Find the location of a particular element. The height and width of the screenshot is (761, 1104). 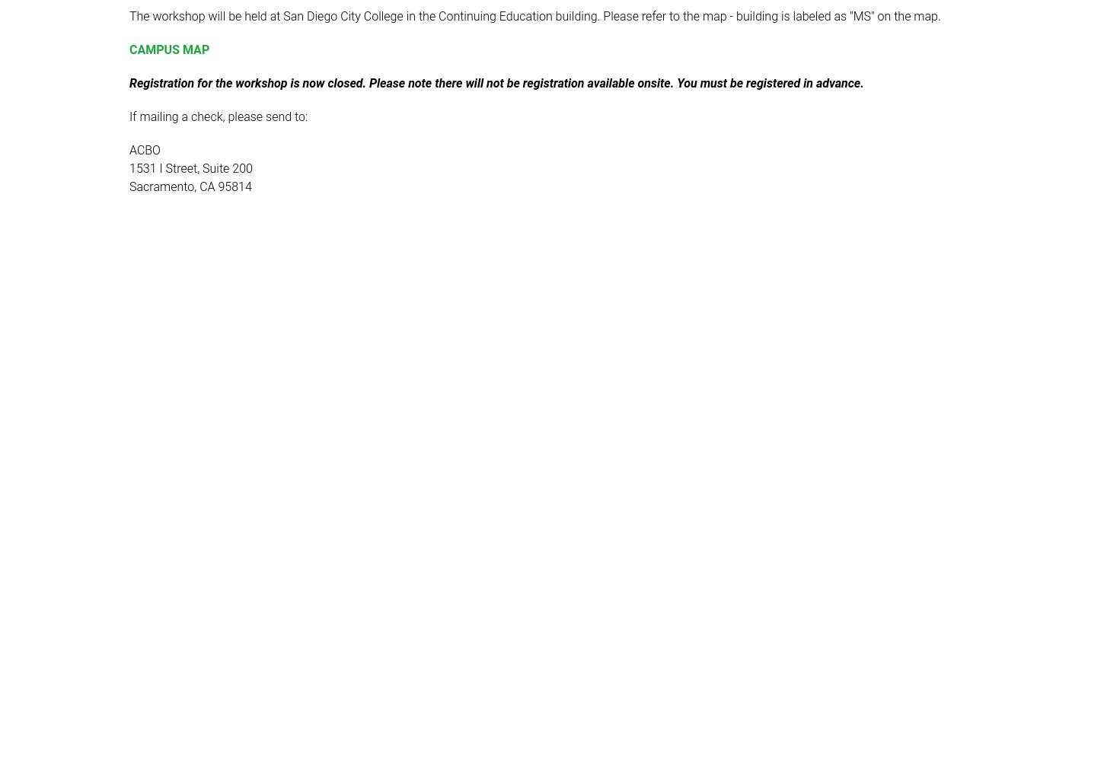

'Registration for the workshop is now closed. Please note there will not be registration available onsite. You must be registered in advance.' is located at coordinates (496, 82).